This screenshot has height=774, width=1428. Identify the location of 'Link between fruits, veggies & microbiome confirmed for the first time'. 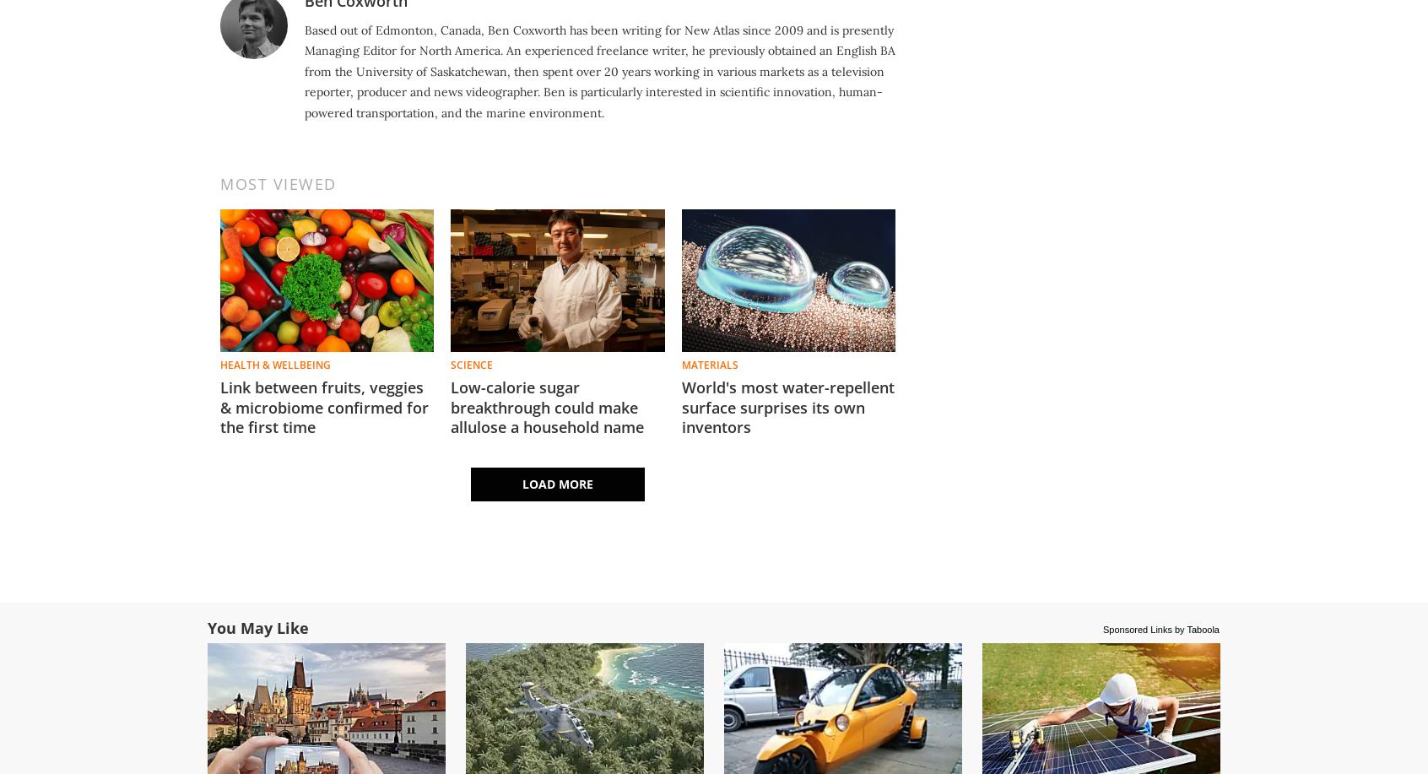
(324, 405).